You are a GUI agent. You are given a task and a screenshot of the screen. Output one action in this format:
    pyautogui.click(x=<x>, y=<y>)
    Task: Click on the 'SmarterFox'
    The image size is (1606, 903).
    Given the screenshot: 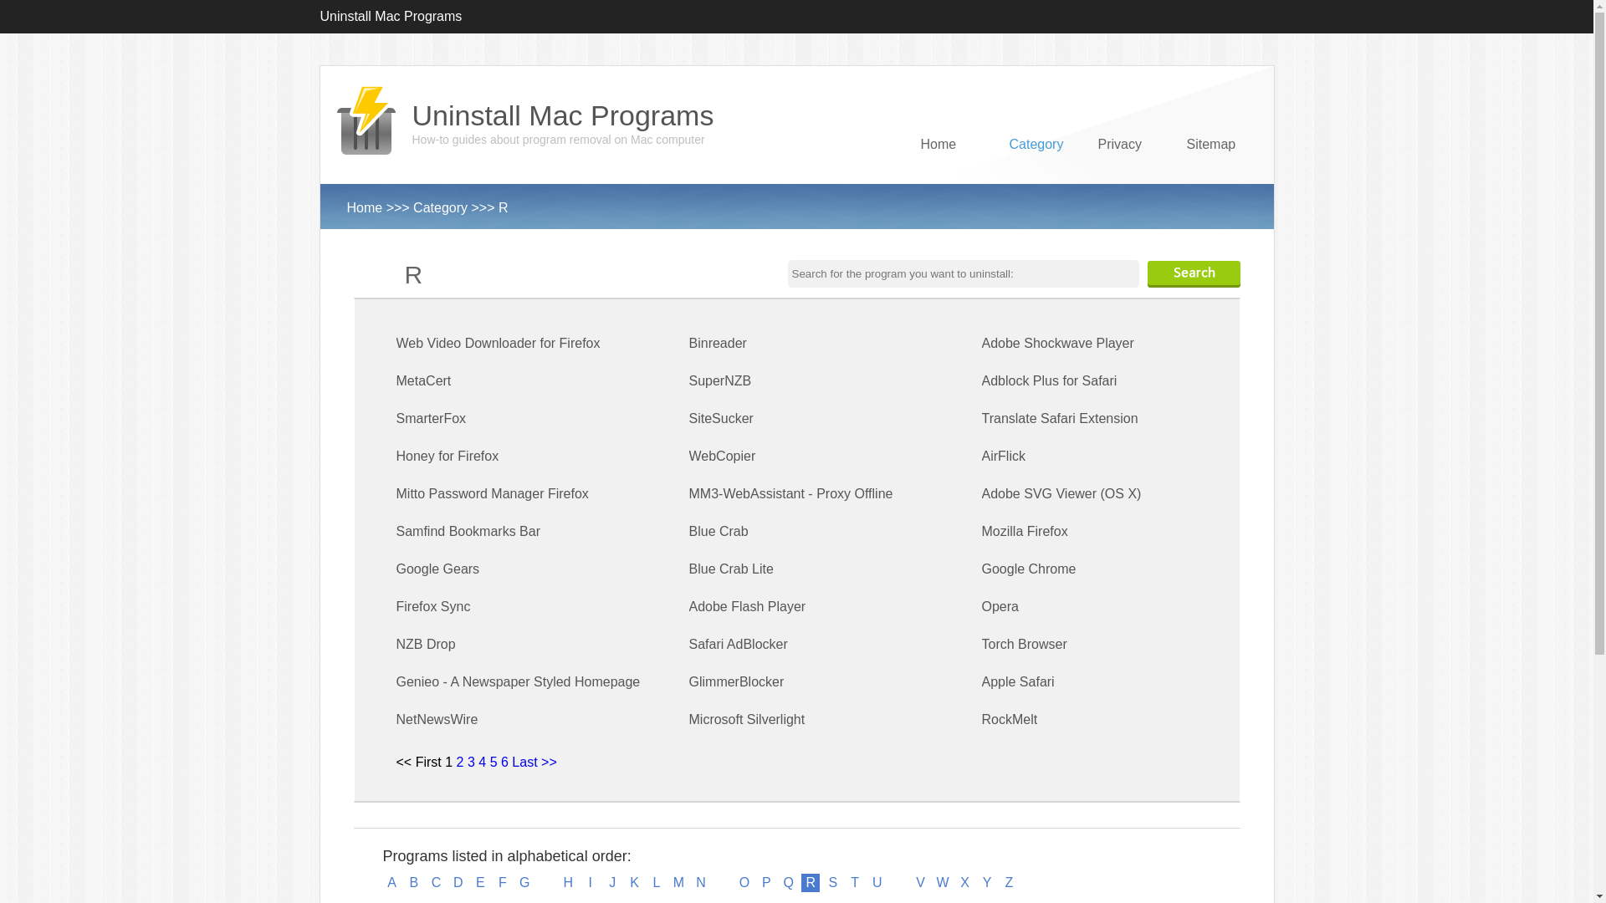 What is the action you would take?
    pyautogui.click(x=432, y=417)
    